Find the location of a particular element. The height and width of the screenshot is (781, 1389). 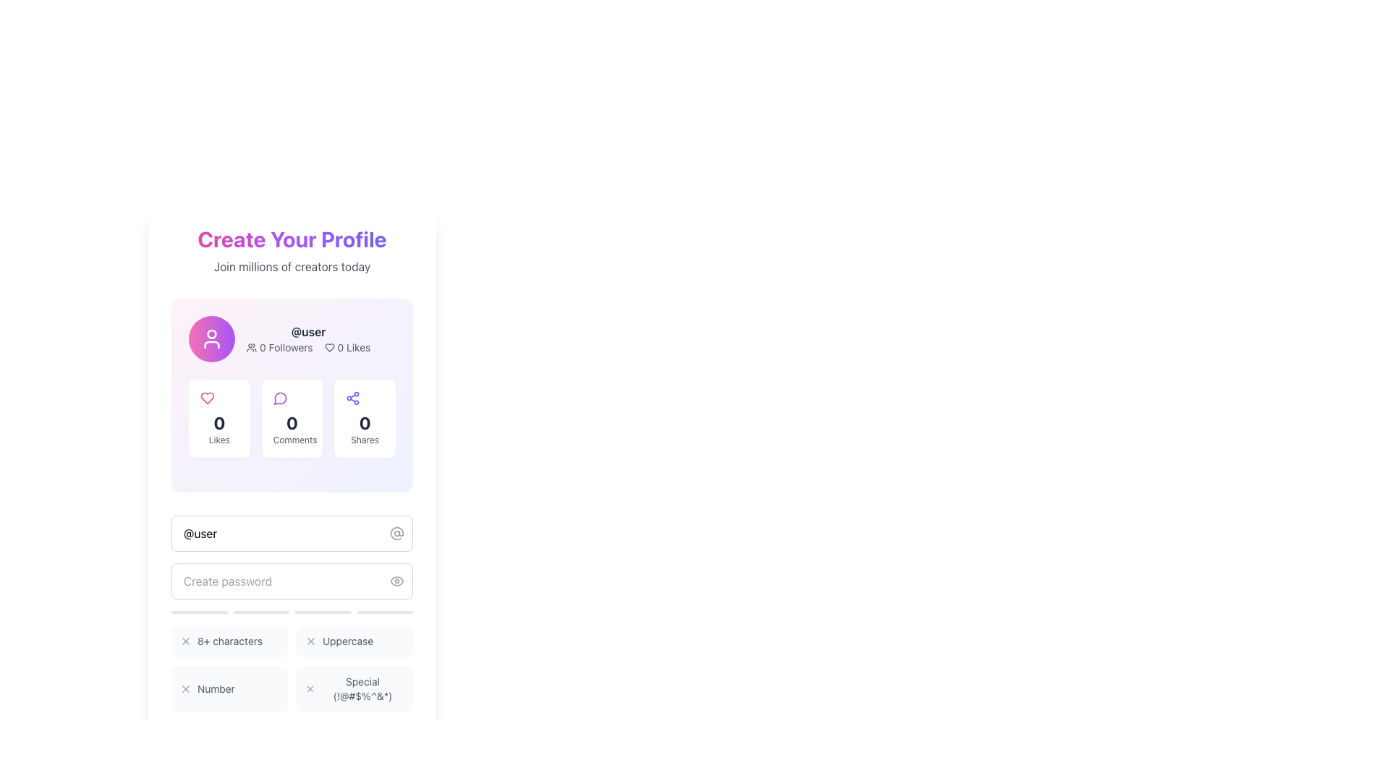

the heart-shaped icon with a bold pink outline to like the content is located at coordinates (207, 398).